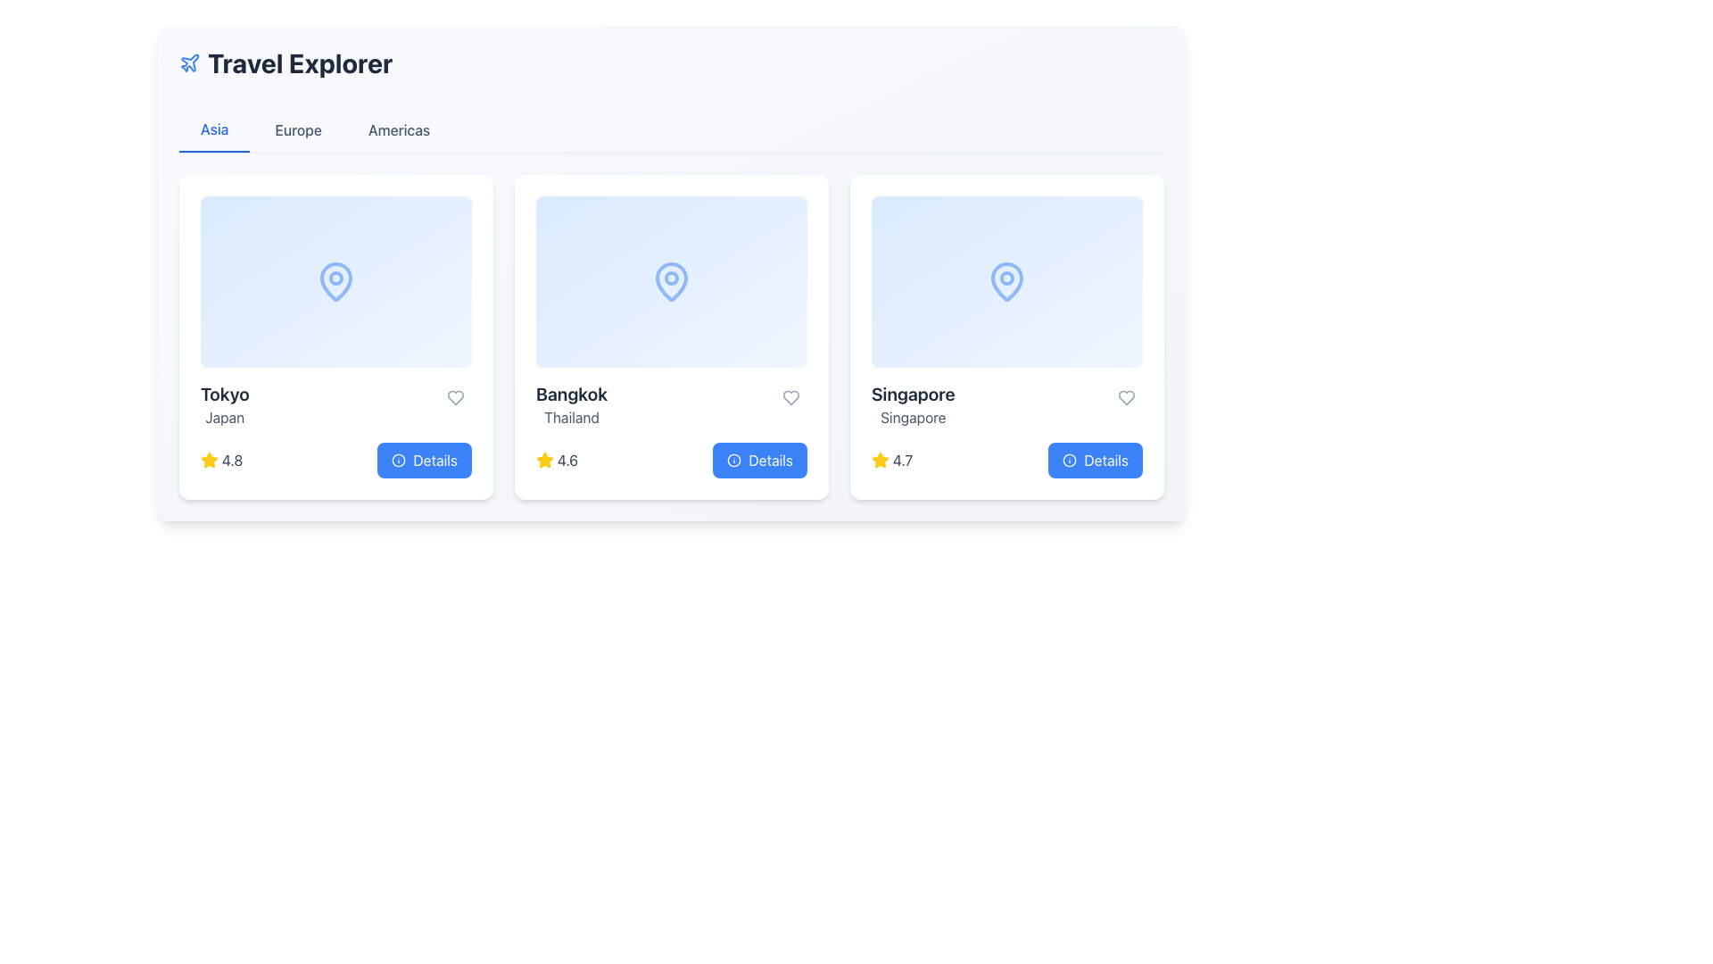 The width and height of the screenshot is (1713, 964). Describe the element at coordinates (734, 460) in the screenshot. I see `the circular information icon with a bold border and 'i' symbol, located within the 'Details' button of the second card for 'Bangkok, Thailand.'` at that location.